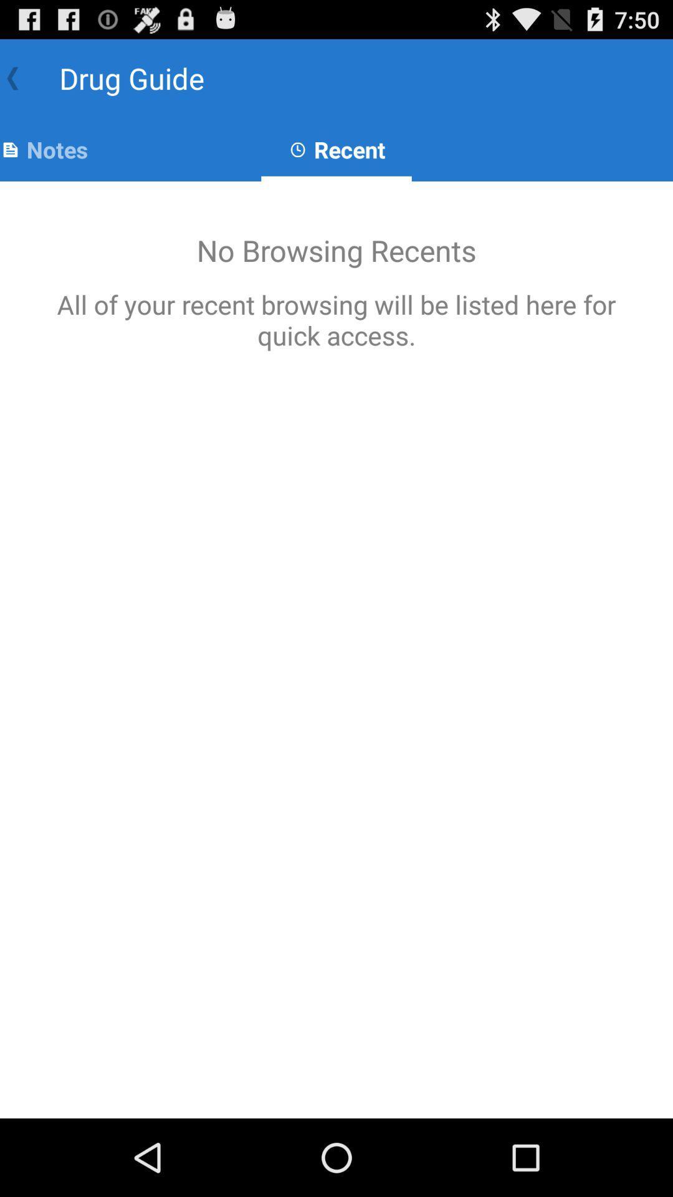 The width and height of the screenshot is (673, 1197). I want to click on icon to the left of   recent app, so click(43, 150).